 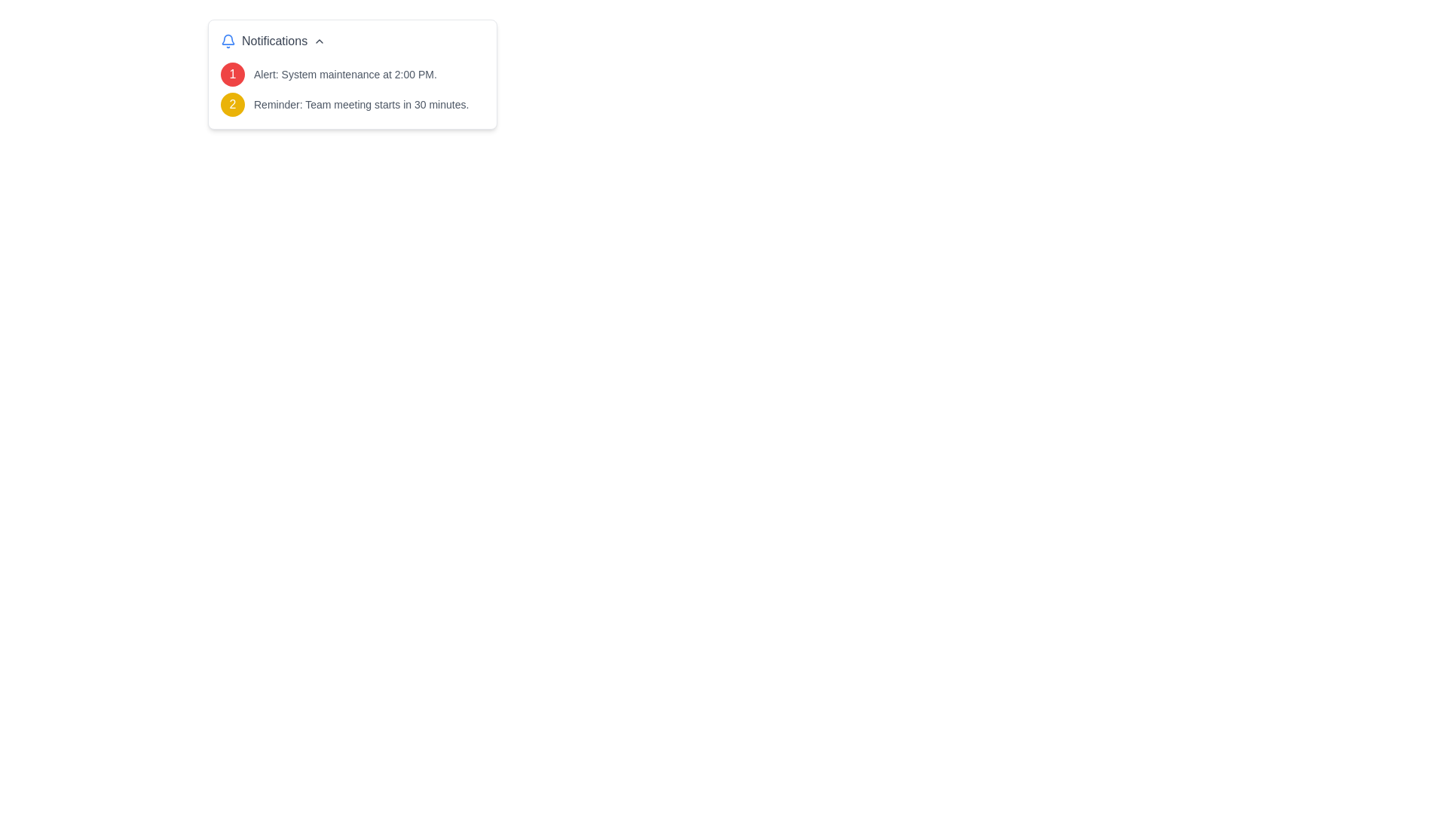 I want to click on the notification message displaying a red circular icon with the number '1' and the text 'Alert: System maintenance at 2:00 PM.', so click(x=351, y=75).